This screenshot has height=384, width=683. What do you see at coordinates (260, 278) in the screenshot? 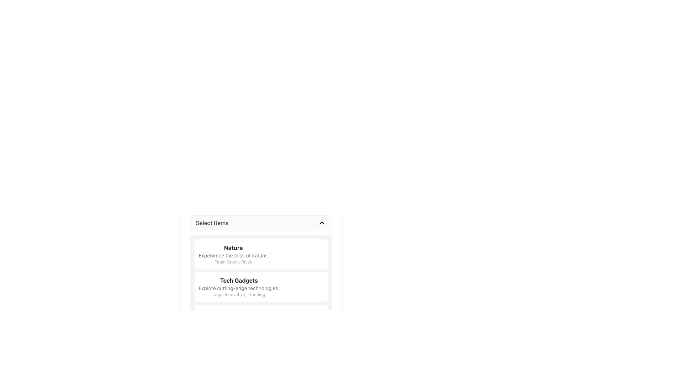
I see `the second Card component in the list labeled 'Select Items' that provides information about 'Tech Gadgets'` at bounding box center [260, 278].